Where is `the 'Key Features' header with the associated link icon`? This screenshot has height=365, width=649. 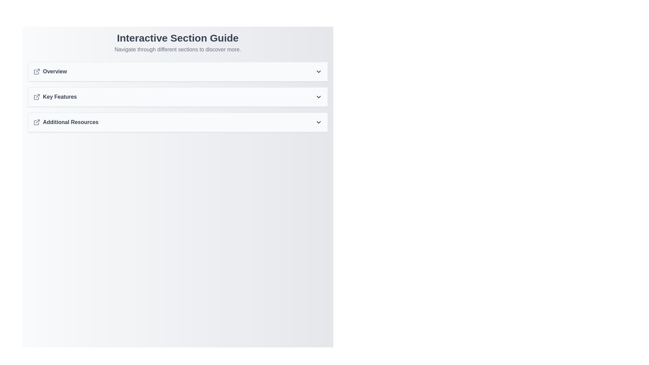
the 'Key Features' header with the associated link icon is located at coordinates (55, 97).